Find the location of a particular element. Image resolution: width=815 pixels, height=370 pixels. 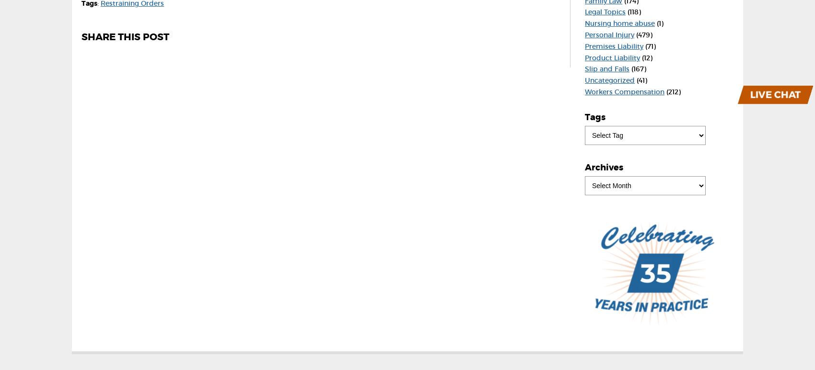

'Tags' is located at coordinates (594, 117).